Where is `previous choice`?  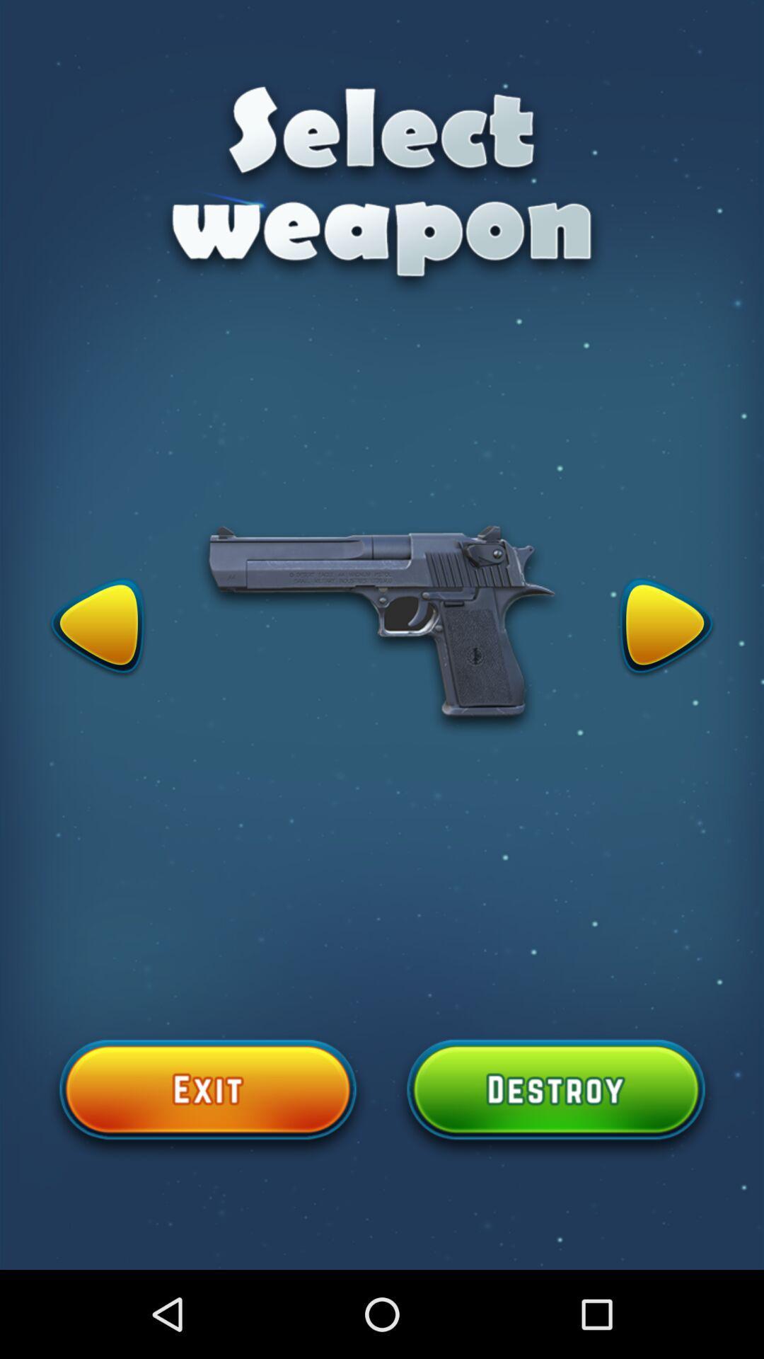
previous choice is located at coordinates (97, 628).